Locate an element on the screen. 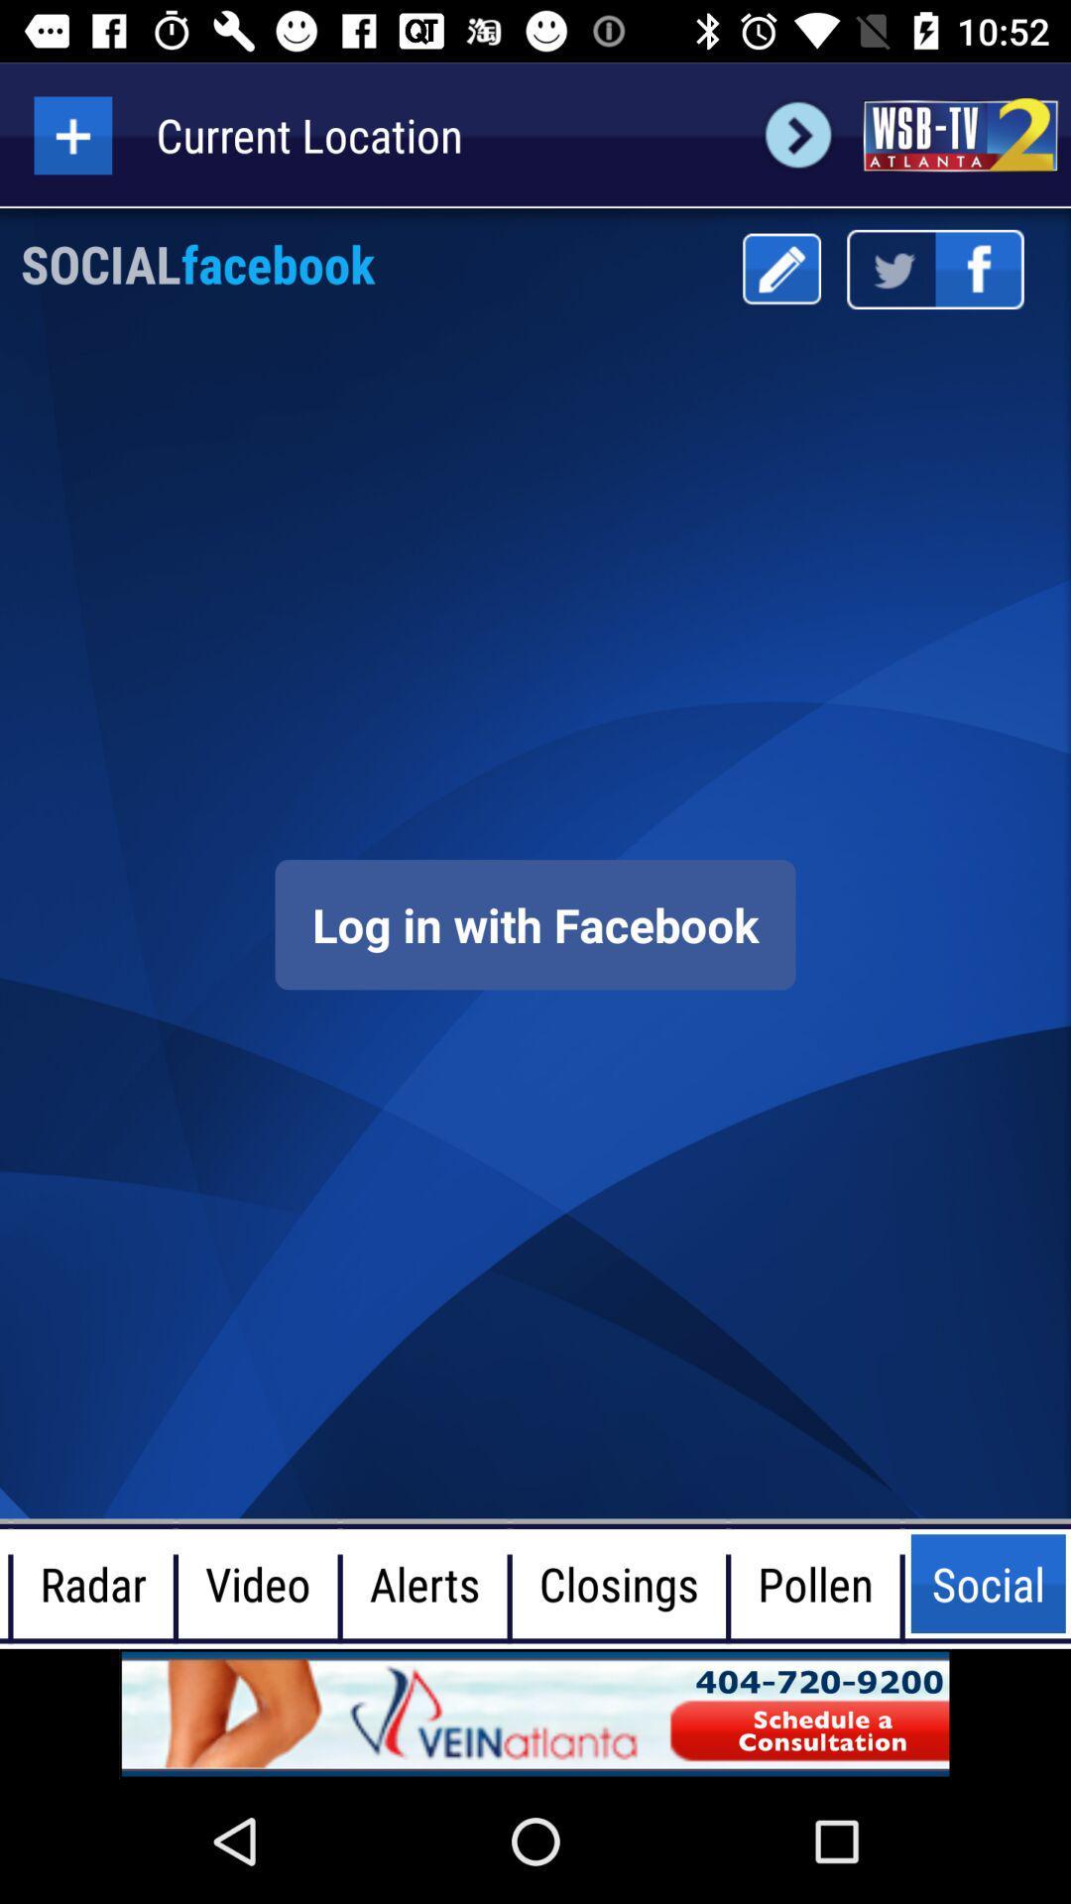 The width and height of the screenshot is (1071, 1904). more is located at coordinates (71, 134).